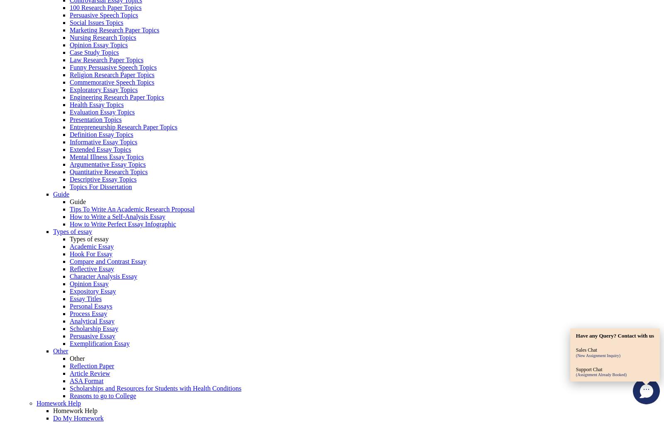  What do you see at coordinates (103, 179) in the screenshot?
I see `'Descriptive Essay Topics'` at bounding box center [103, 179].